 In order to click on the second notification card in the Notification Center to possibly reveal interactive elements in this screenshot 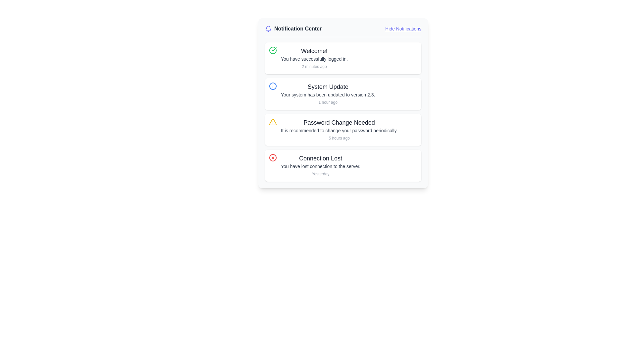, I will do `click(328, 94)`.